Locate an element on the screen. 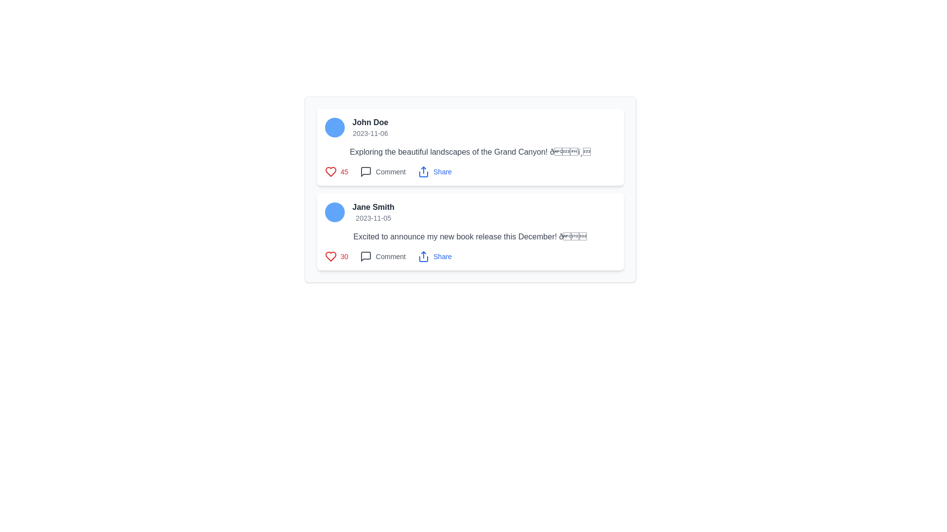  the text label identifying the author of the post, located at the top left corner of the second post card layout, above the date text '2023-11-05' is located at coordinates (373, 206).